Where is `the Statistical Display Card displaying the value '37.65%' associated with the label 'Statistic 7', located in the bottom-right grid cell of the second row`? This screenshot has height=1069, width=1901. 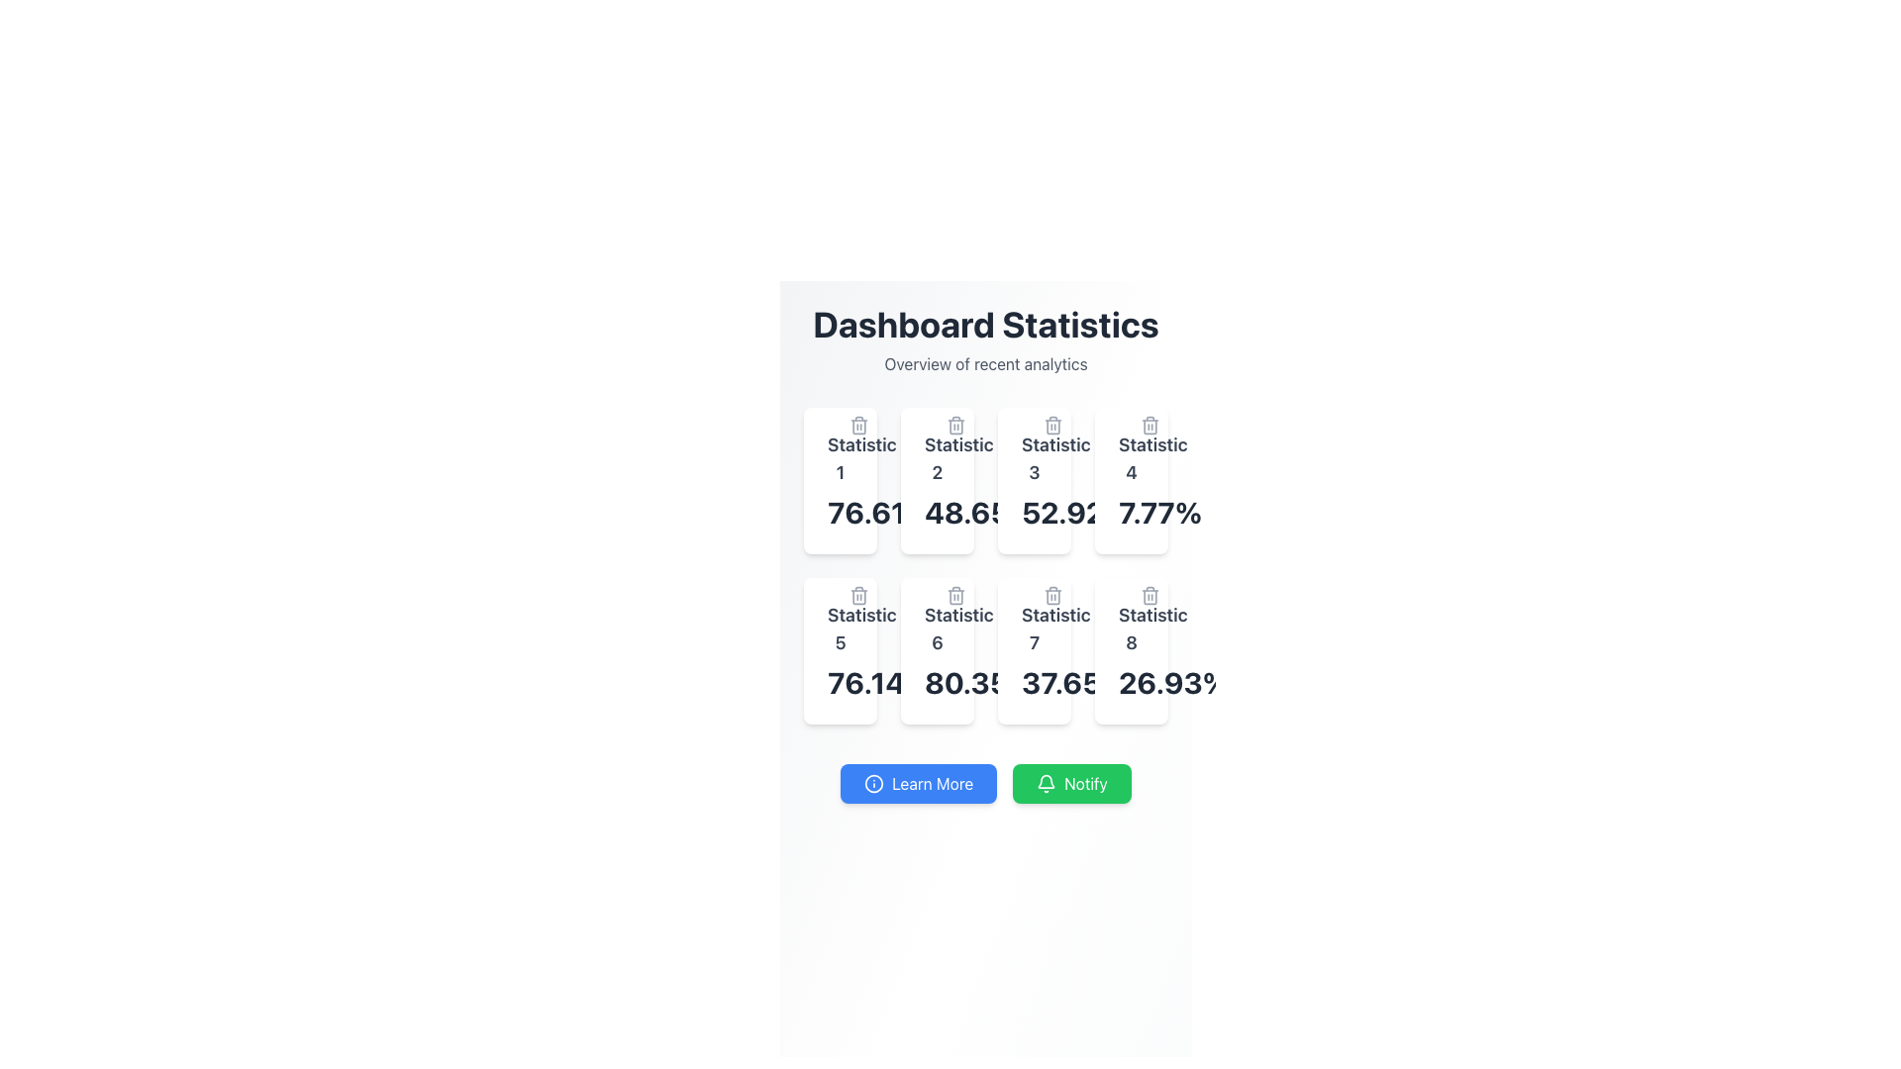
the Statistical Display Card displaying the value '37.65%' associated with the label 'Statistic 7', located in the bottom-right grid cell of the second row is located at coordinates (1034, 651).